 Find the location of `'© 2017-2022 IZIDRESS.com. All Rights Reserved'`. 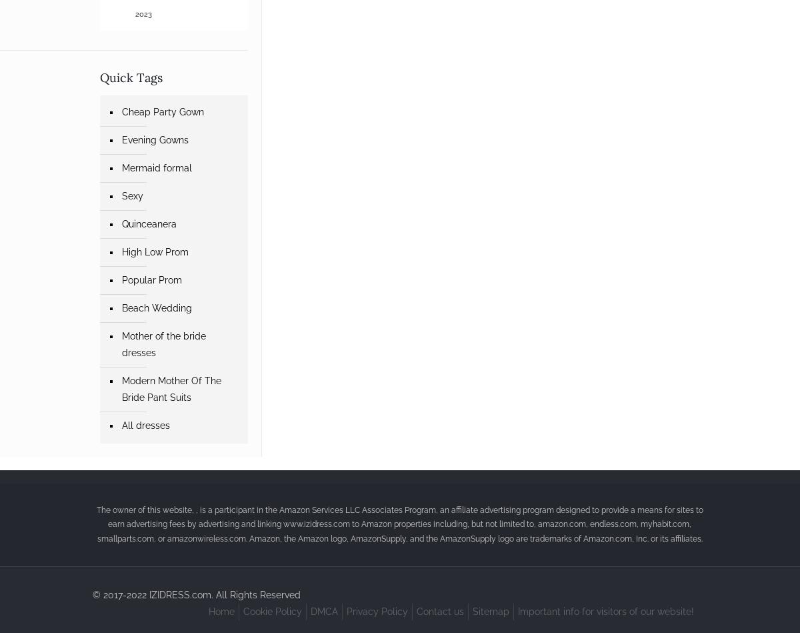

'© 2017-2022 IZIDRESS.com. All Rights Reserved' is located at coordinates (92, 594).